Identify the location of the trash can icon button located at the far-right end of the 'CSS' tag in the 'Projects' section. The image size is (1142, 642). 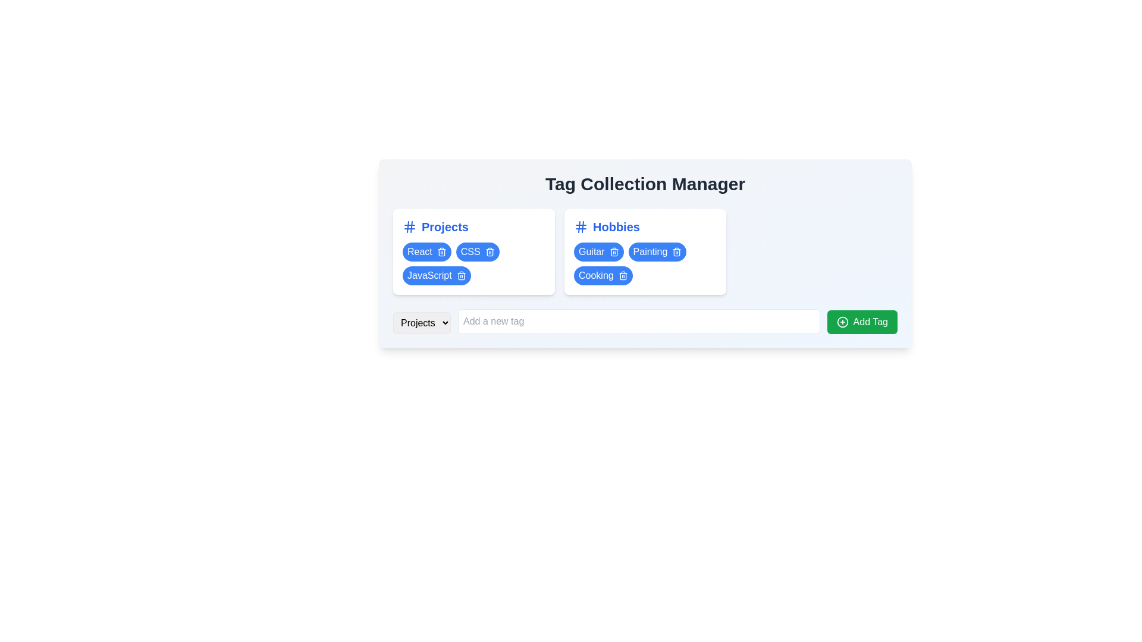
(490, 251).